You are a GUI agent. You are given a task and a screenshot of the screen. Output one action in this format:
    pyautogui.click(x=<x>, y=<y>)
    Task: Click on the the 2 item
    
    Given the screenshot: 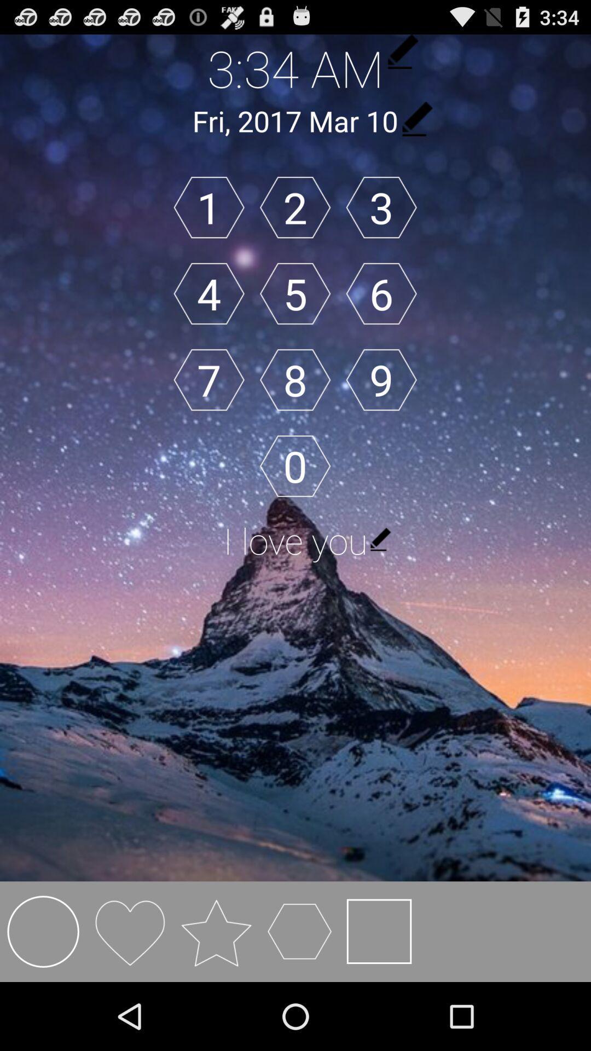 What is the action you would take?
    pyautogui.click(x=294, y=207)
    